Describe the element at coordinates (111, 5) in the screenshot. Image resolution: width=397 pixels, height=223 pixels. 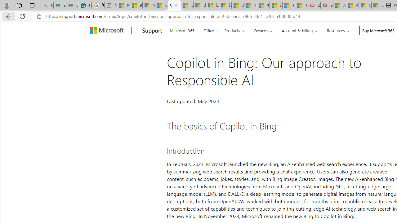
I see `'New tab'` at that location.